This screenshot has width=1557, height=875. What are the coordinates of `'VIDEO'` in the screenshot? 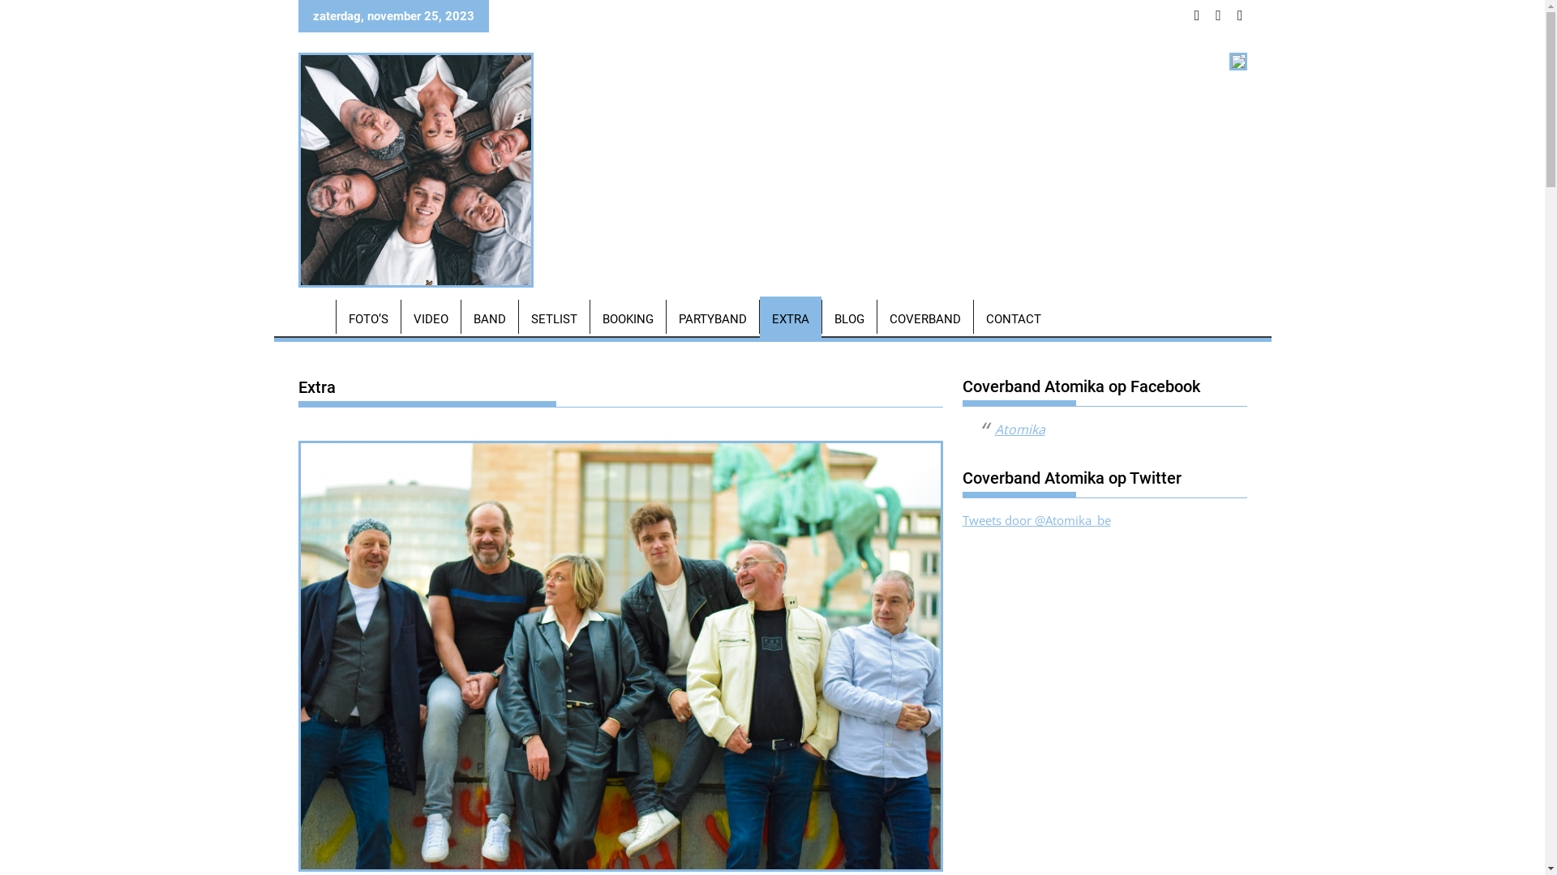 It's located at (430, 318).